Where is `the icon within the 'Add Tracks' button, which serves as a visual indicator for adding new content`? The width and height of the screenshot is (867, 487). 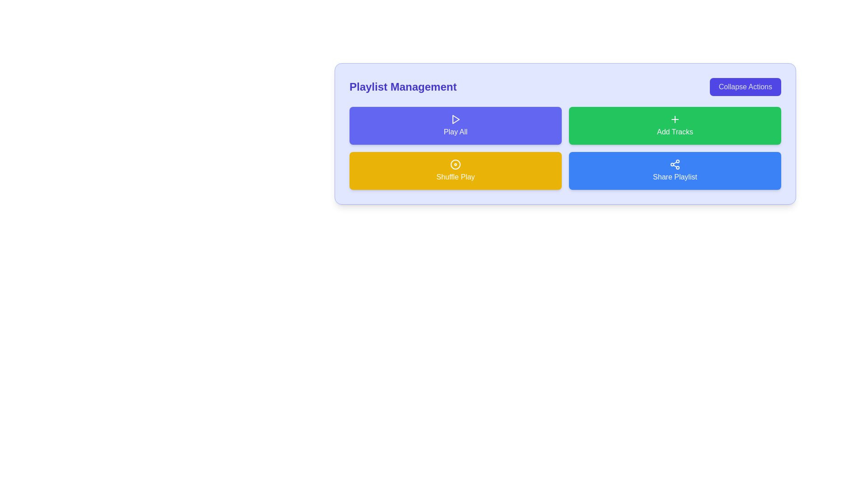 the icon within the 'Add Tracks' button, which serves as a visual indicator for adding new content is located at coordinates (675, 119).